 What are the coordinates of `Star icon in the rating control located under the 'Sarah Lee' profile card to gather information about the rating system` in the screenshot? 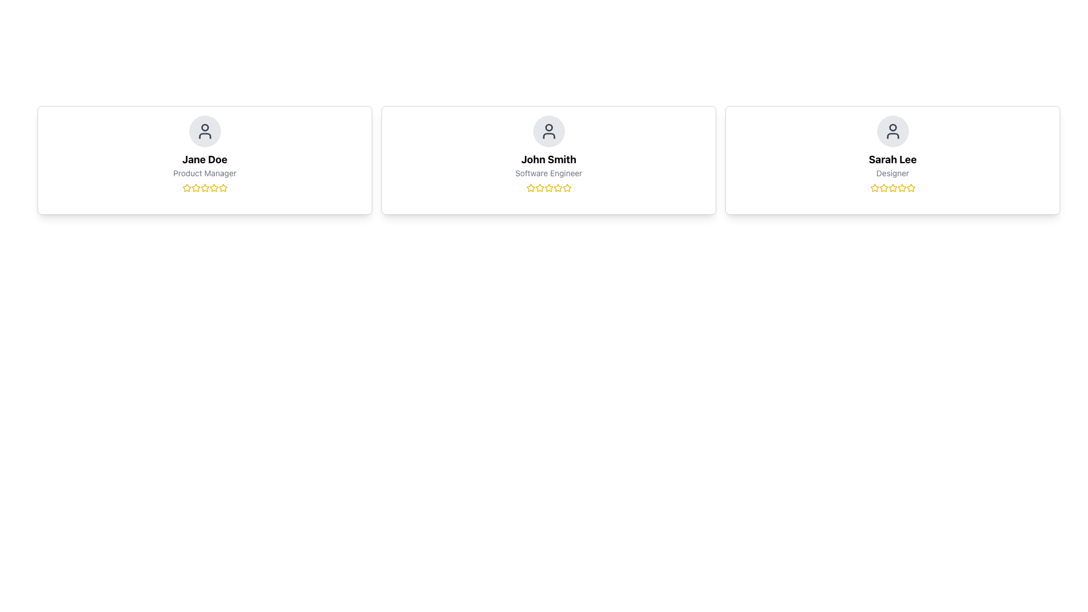 It's located at (883, 187).